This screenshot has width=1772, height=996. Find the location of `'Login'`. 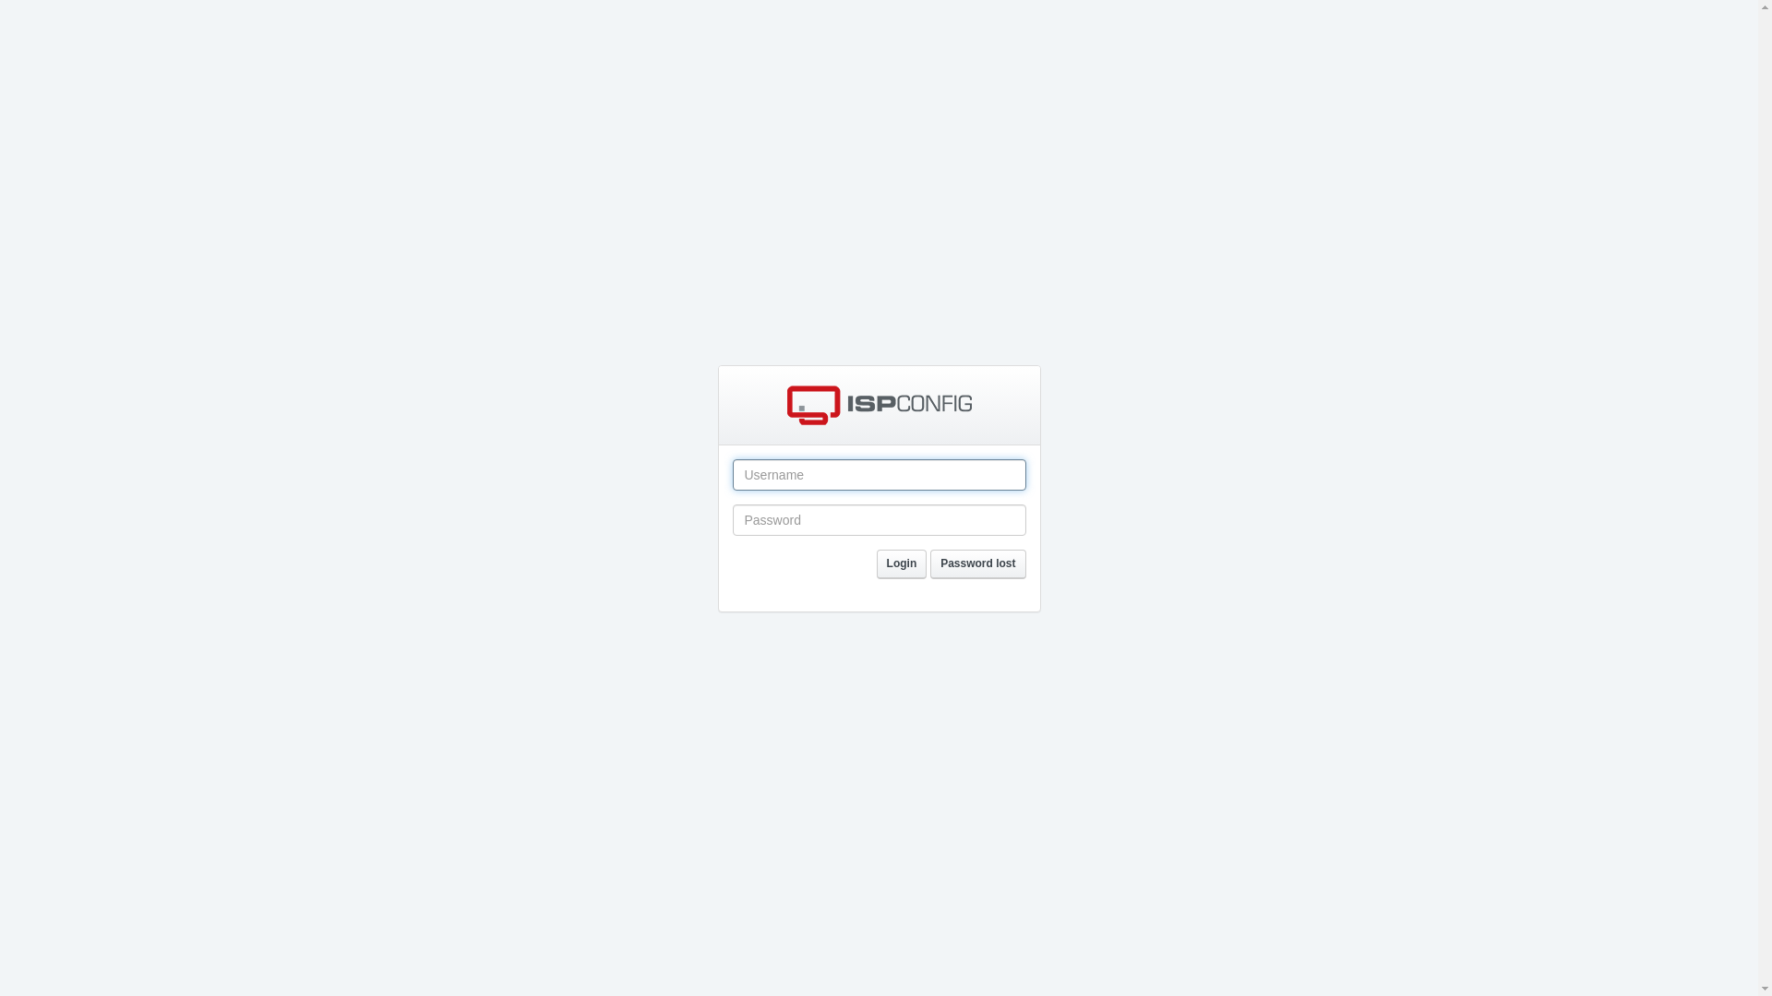

'Login' is located at coordinates (902, 563).